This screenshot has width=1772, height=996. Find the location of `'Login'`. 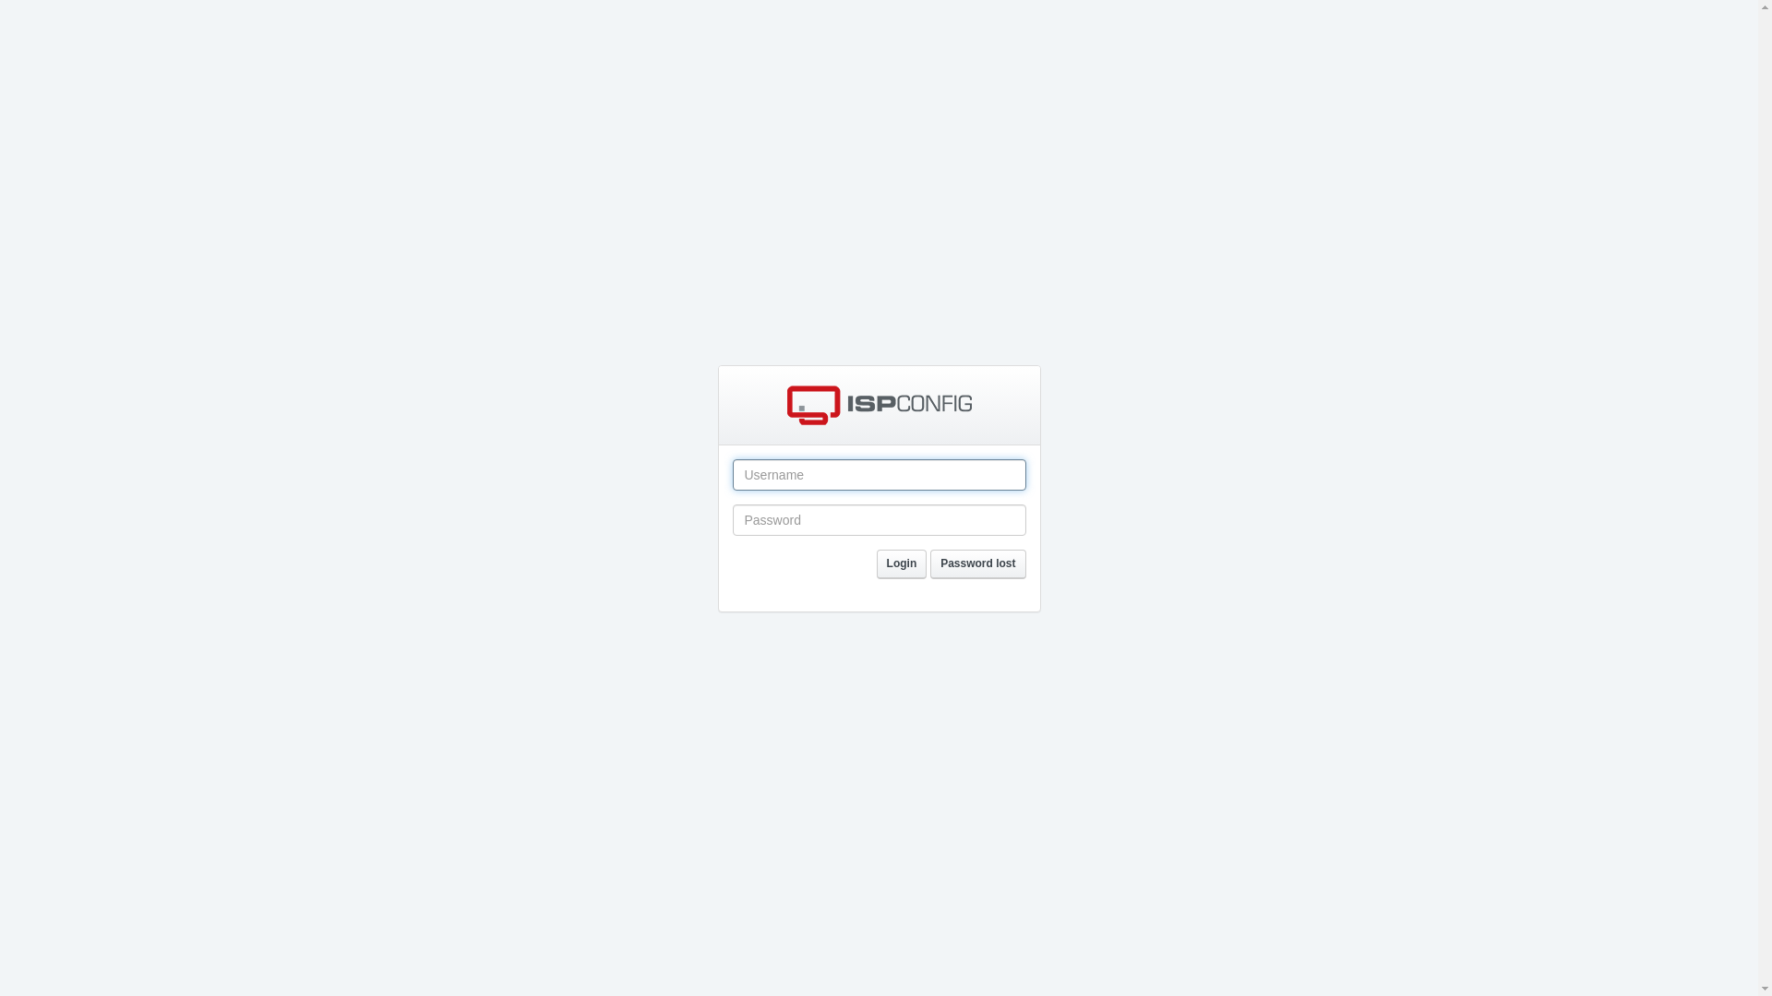

'Login' is located at coordinates (902, 563).